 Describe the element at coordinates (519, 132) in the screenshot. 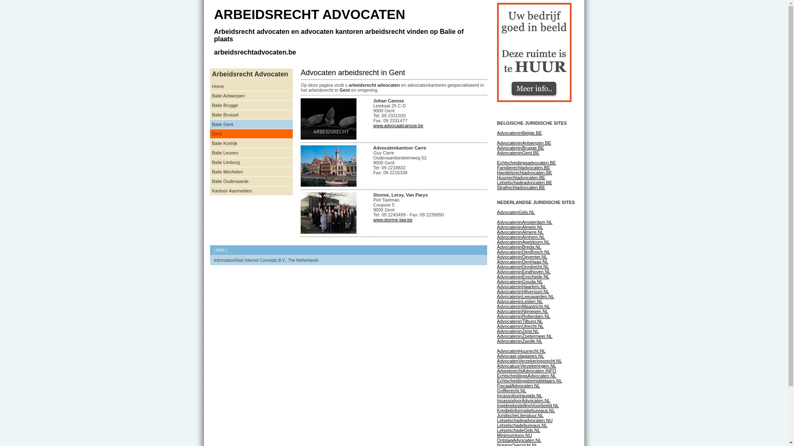

I see `'AdvocateninBelgie.BE'` at that location.